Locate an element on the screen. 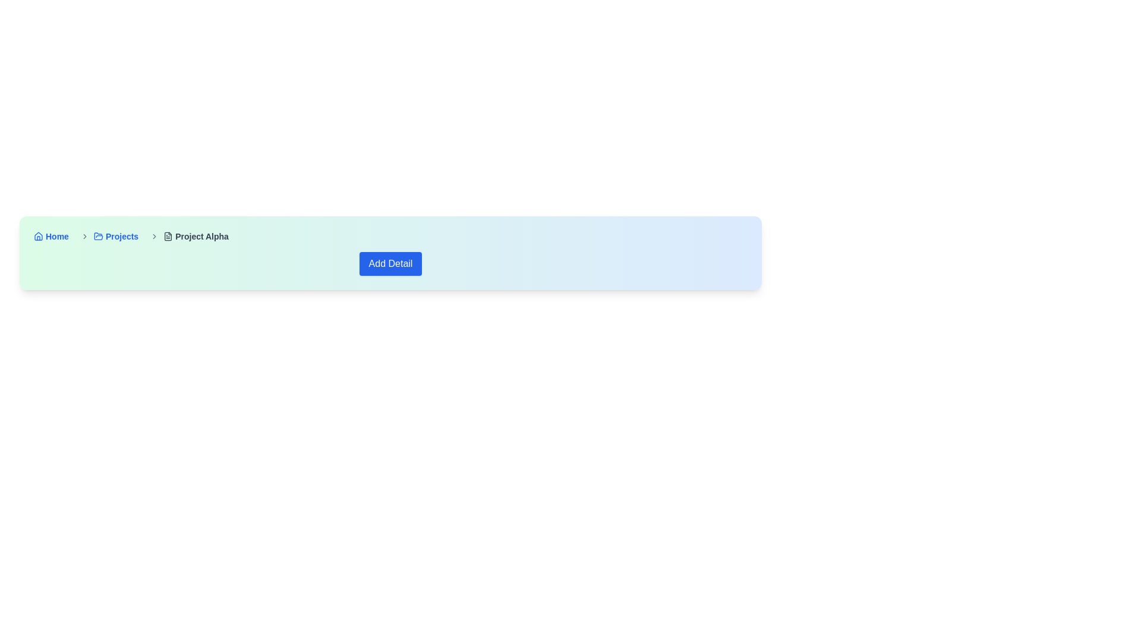 This screenshot has width=1141, height=642. the clickable text link with an icon that navigates back to the homepage in the breadcrumb navigation bar to underline the text is located at coordinates (51, 236).